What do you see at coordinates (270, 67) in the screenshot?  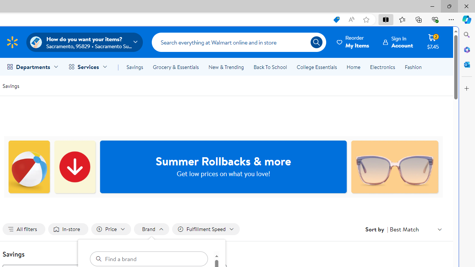 I see `'Back To School'` at bounding box center [270, 67].